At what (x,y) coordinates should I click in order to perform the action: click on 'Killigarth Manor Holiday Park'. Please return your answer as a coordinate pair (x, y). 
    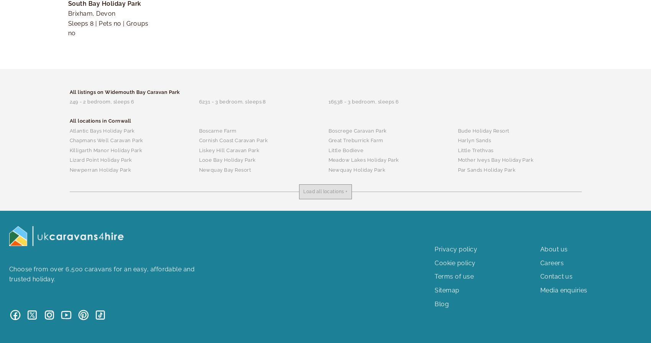
    Looking at the image, I should click on (106, 150).